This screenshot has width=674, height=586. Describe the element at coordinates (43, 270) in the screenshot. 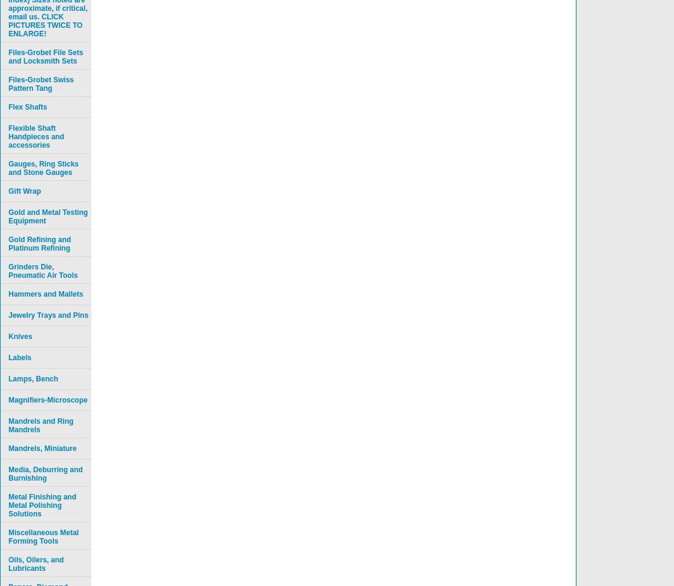

I see `'Grinders Die, Pneumatic Air Tools'` at that location.